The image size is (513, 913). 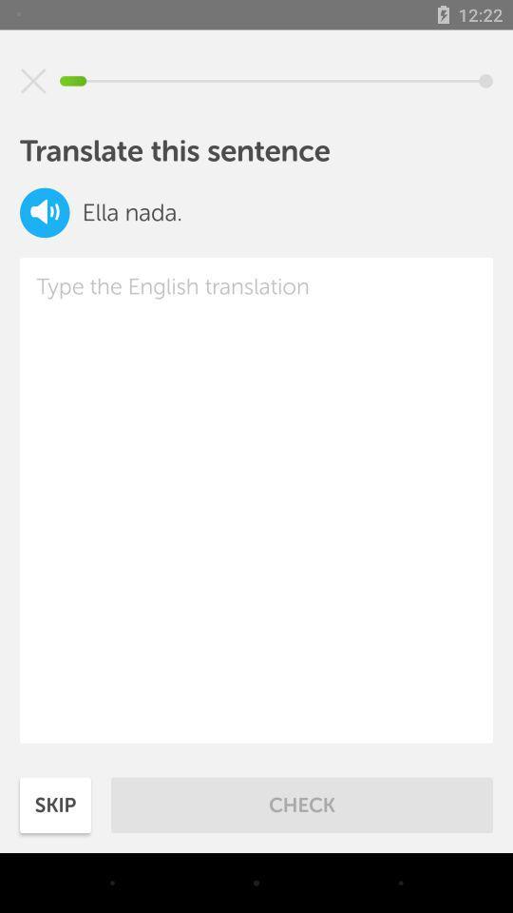 I want to click on write text, so click(x=256, y=499).